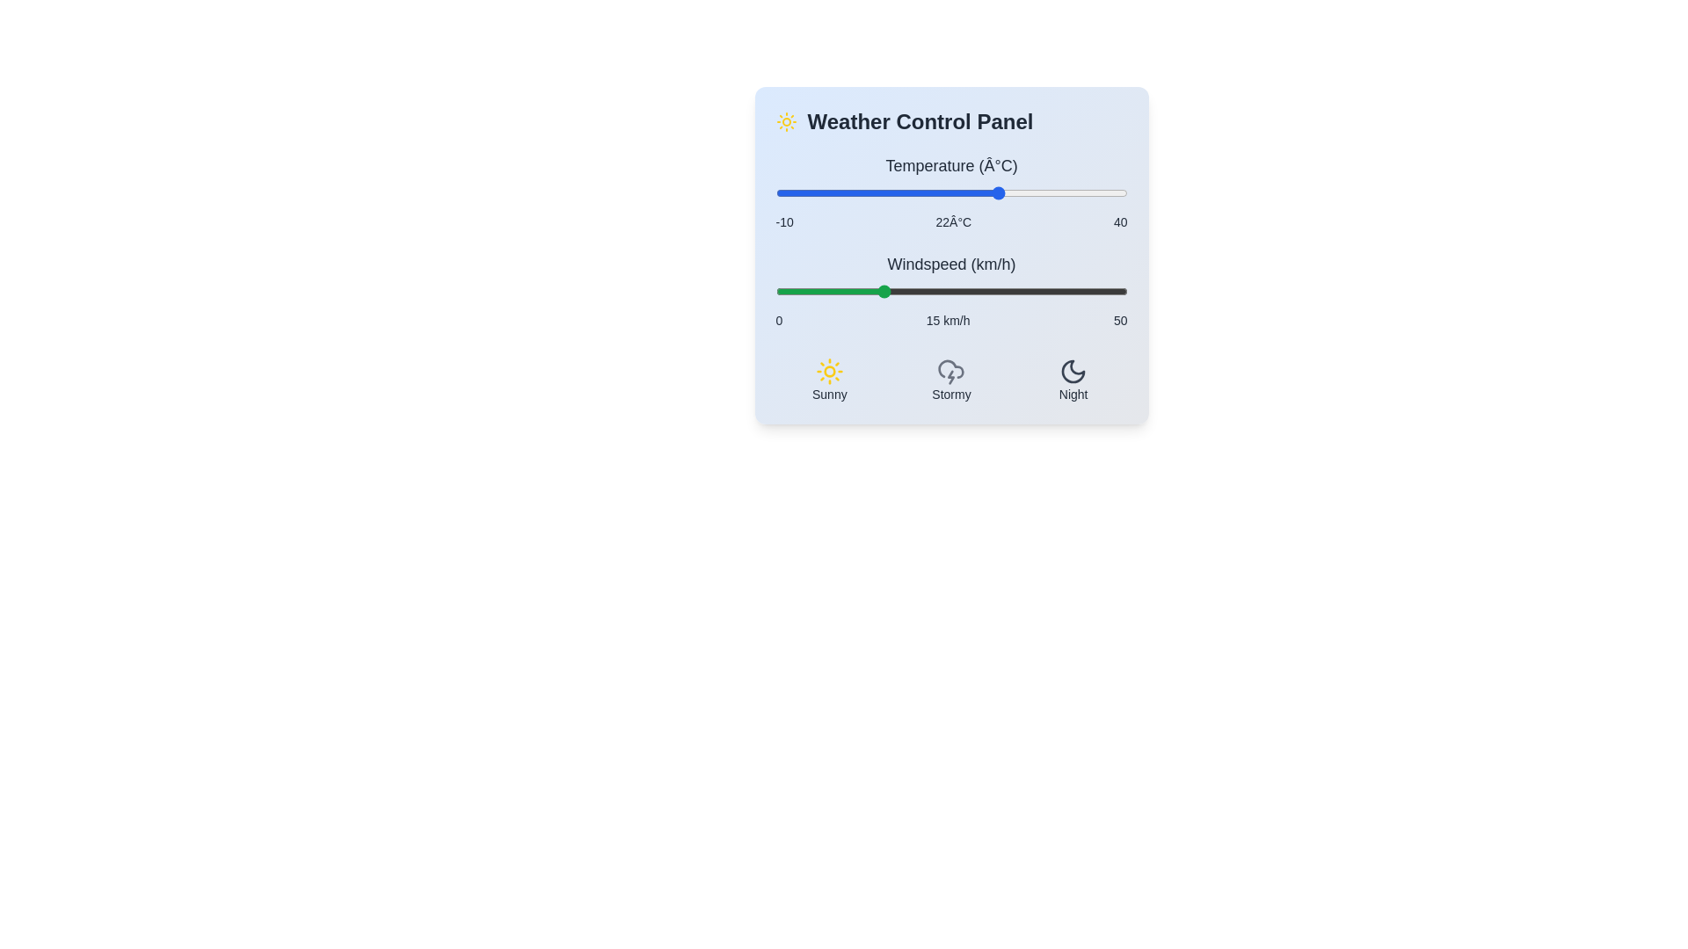 This screenshot has width=1688, height=949. What do you see at coordinates (828, 371) in the screenshot?
I see `the central SVG Circle that represents the sun icon in the 'Weather Control Panel'` at bounding box center [828, 371].